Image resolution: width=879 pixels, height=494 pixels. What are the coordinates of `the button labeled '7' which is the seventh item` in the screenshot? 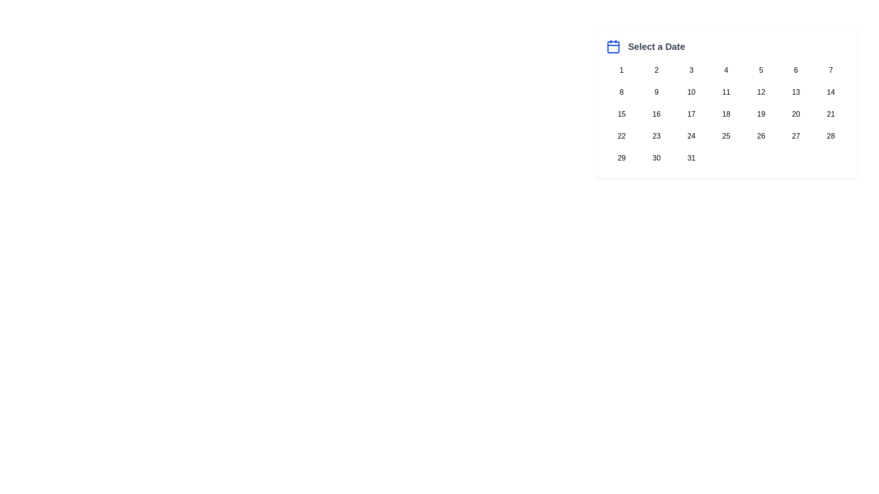 It's located at (830, 70).